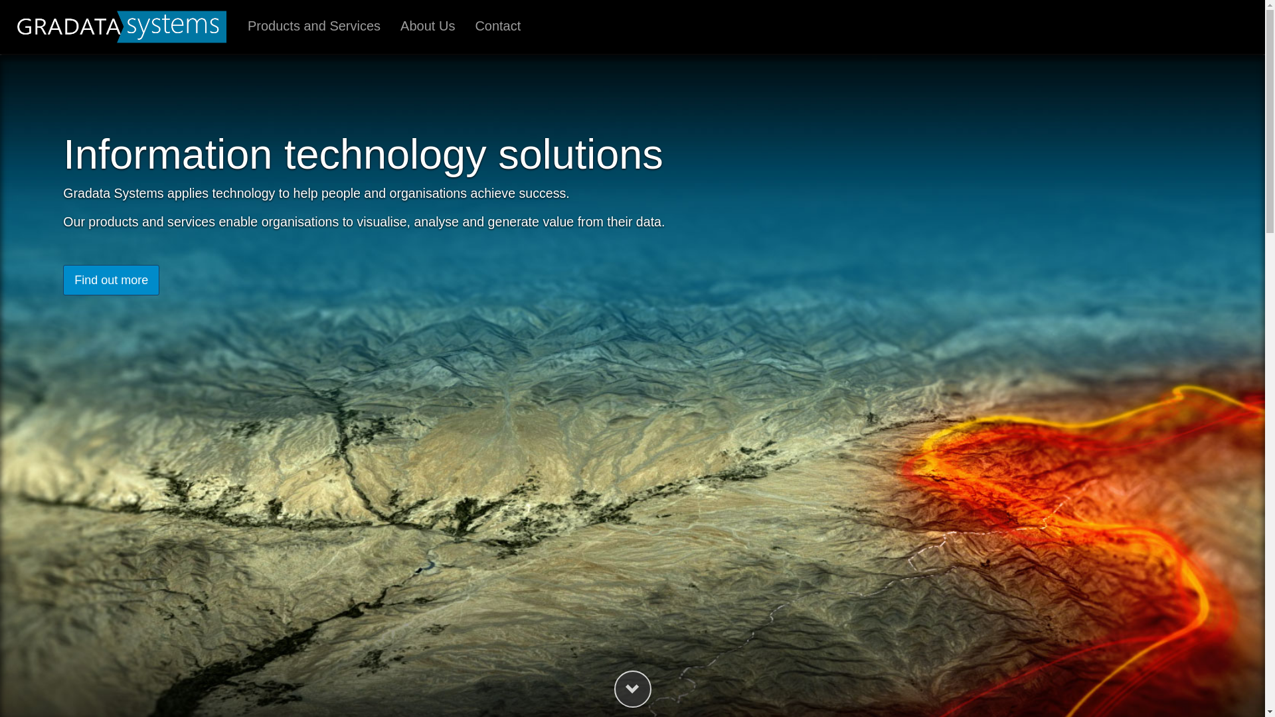  What do you see at coordinates (427, 27) in the screenshot?
I see `'About Us'` at bounding box center [427, 27].